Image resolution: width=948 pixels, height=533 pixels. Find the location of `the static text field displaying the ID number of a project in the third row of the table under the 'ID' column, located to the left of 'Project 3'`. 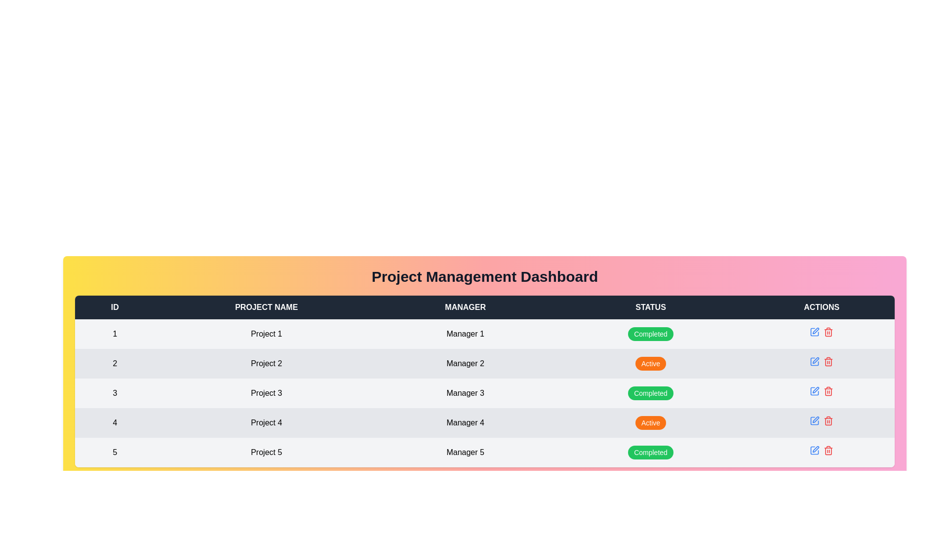

the static text field displaying the ID number of a project in the third row of the table under the 'ID' column, located to the left of 'Project 3' is located at coordinates (115, 393).